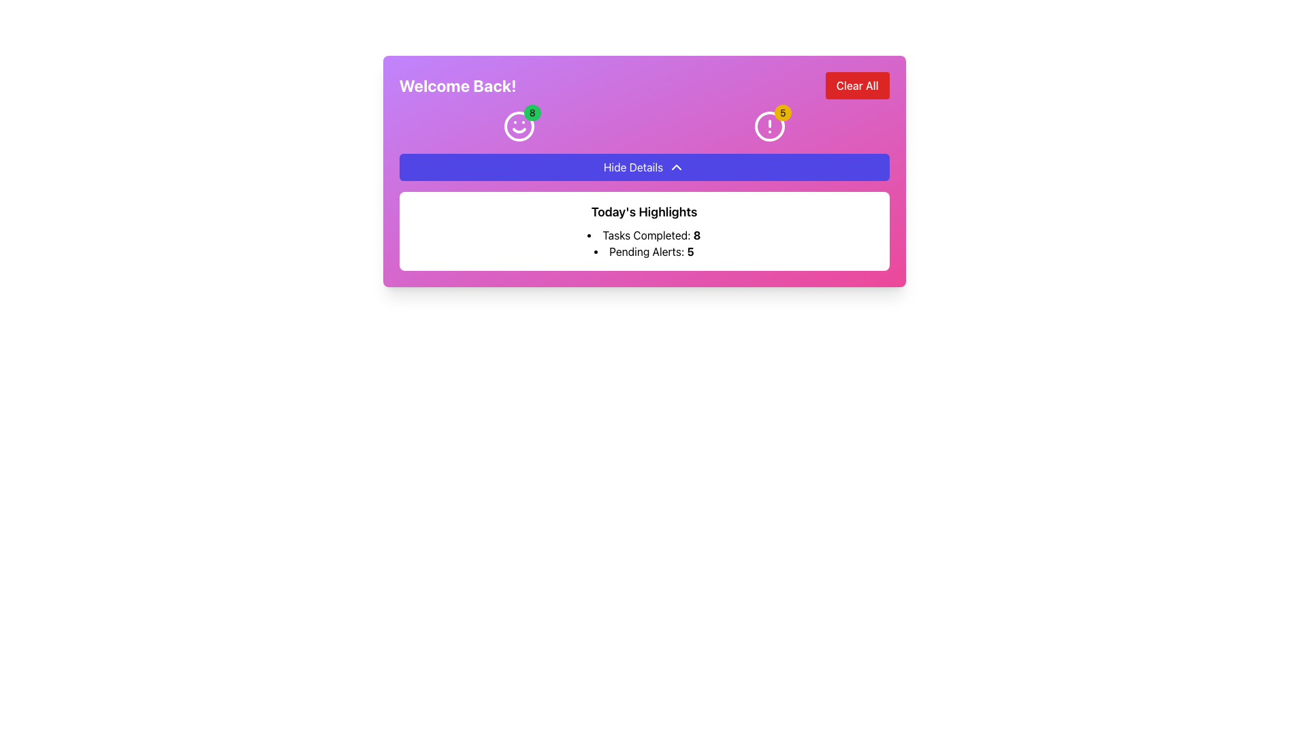 Image resolution: width=1307 pixels, height=735 pixels. I want to click on the text element displaying the number '8', which represents the count of completed tasks, located under the 'Today's Highlights' section, so click(697, 235).